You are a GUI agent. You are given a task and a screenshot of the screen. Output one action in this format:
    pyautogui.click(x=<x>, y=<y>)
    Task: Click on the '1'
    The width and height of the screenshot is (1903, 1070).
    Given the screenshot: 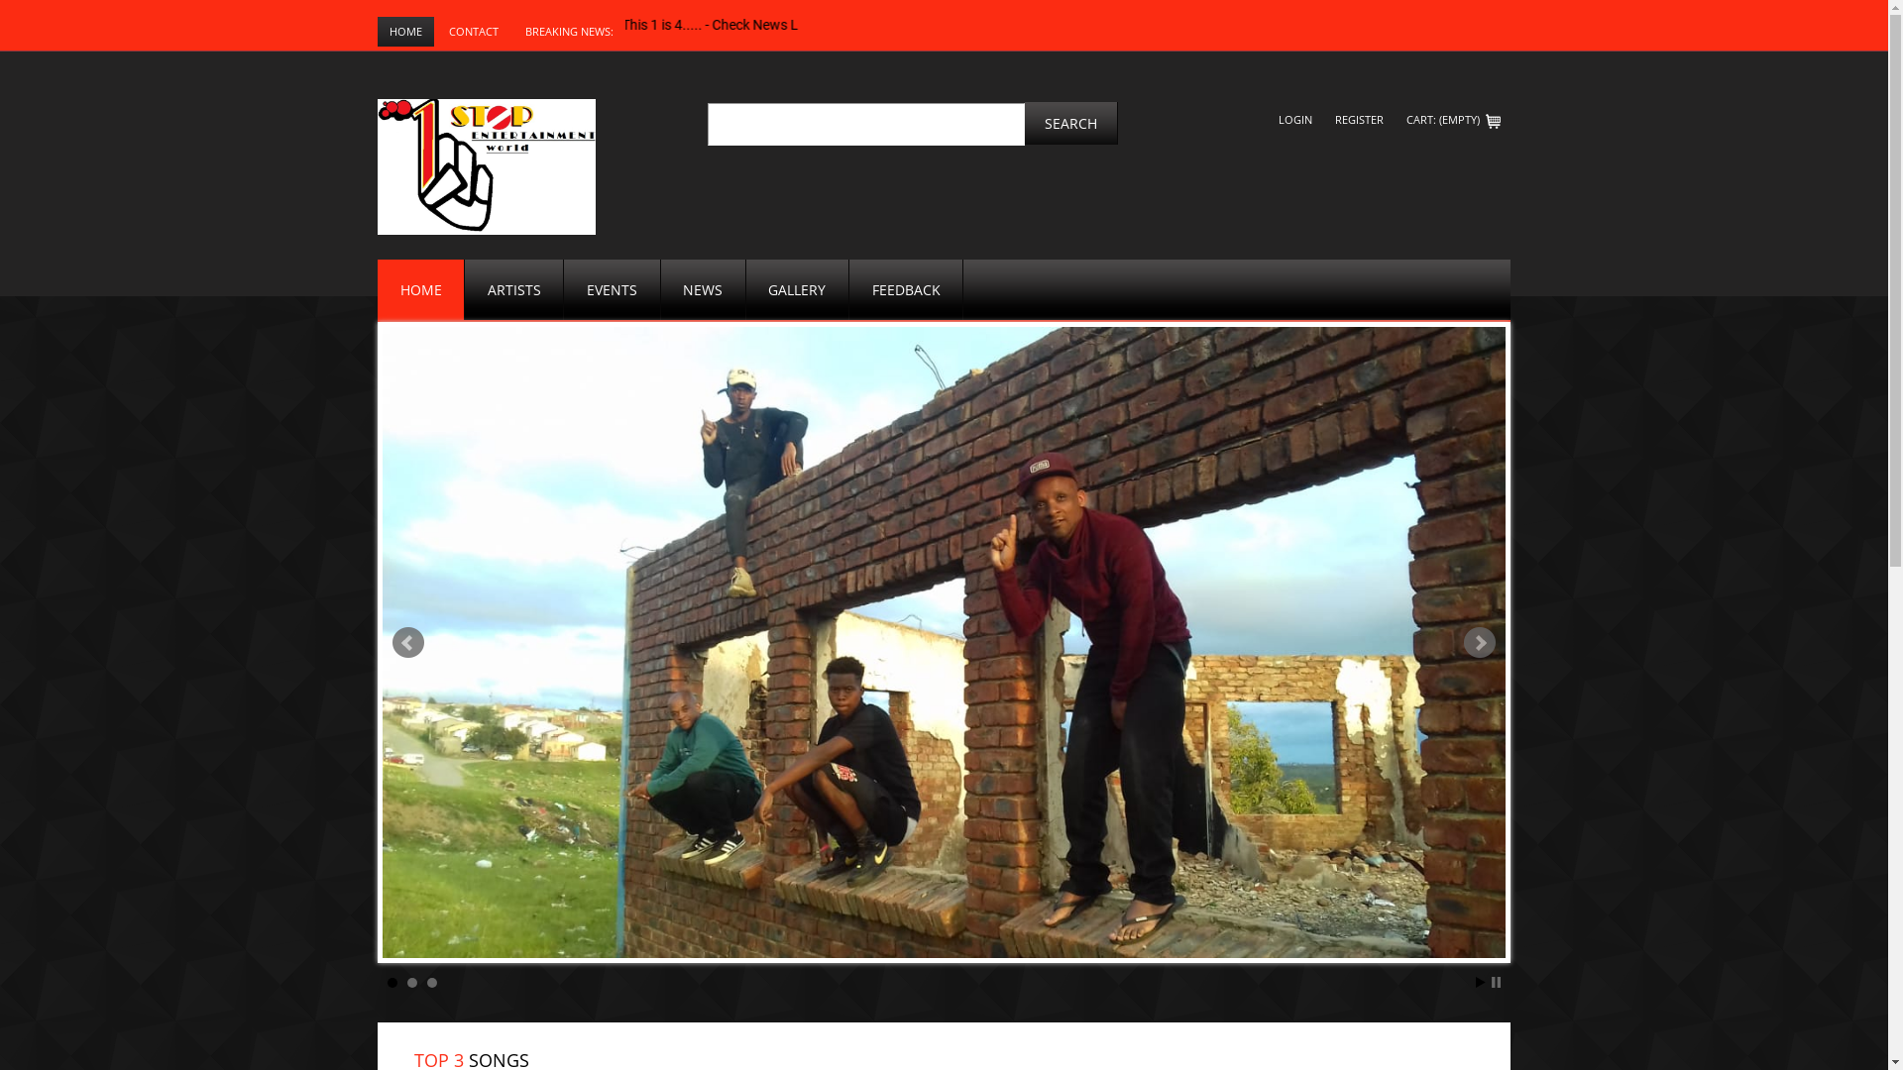 What is the action you would take?
    pyautogui.click(x=392, y=982)
    